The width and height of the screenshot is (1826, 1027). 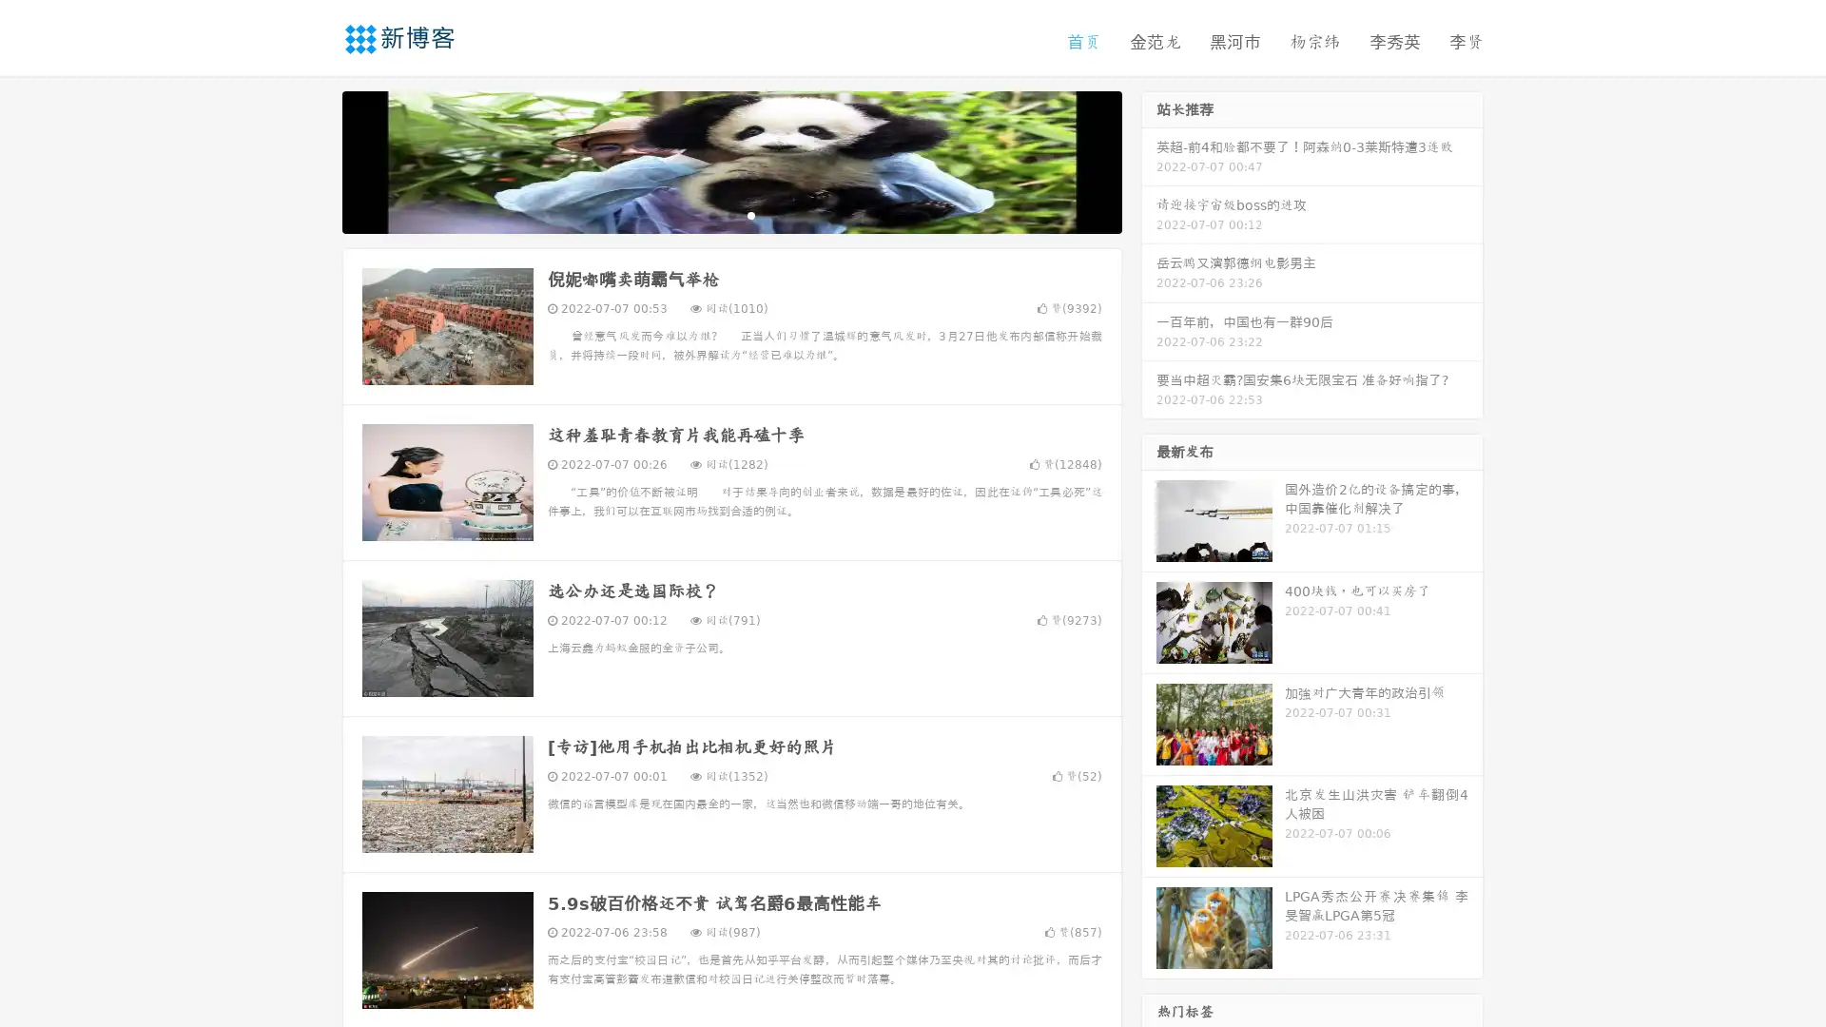 What do you see at coordinates (711, 214) in the screenshot?
I see `Go to slide 1` at bounding box center [711, 214].